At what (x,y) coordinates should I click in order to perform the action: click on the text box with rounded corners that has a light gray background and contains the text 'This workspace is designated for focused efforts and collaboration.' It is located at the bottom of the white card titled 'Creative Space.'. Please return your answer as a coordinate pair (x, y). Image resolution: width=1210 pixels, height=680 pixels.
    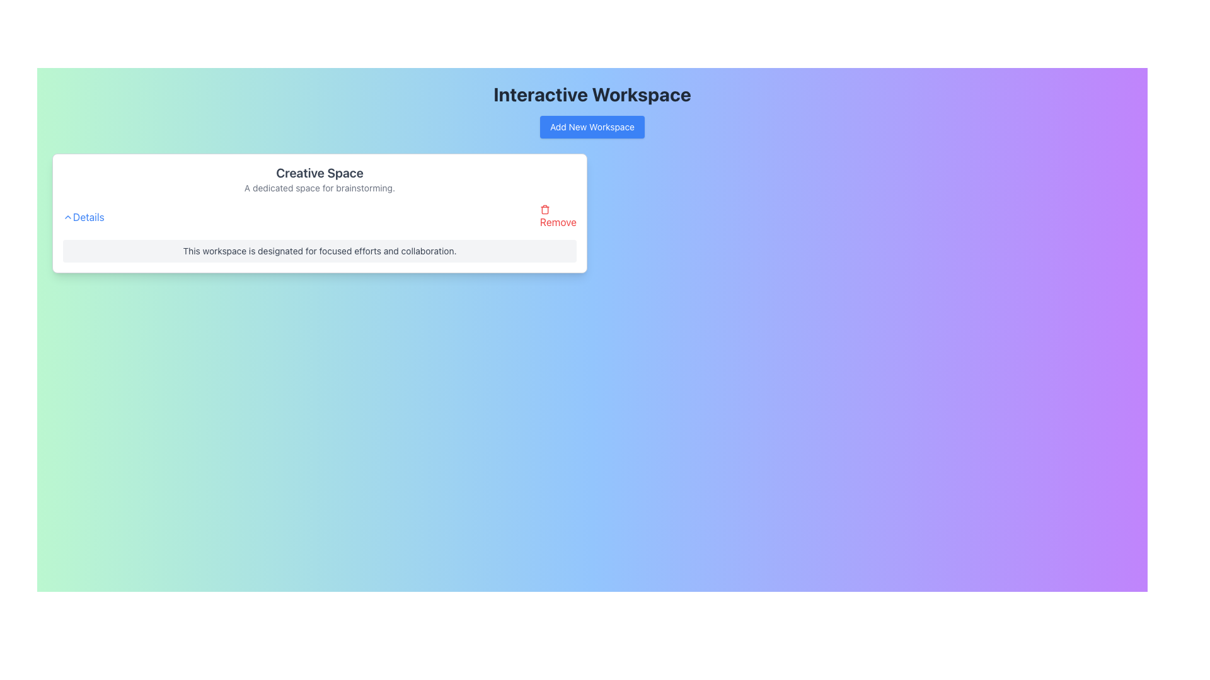
    Looking at the image, I should click on (320, 251).